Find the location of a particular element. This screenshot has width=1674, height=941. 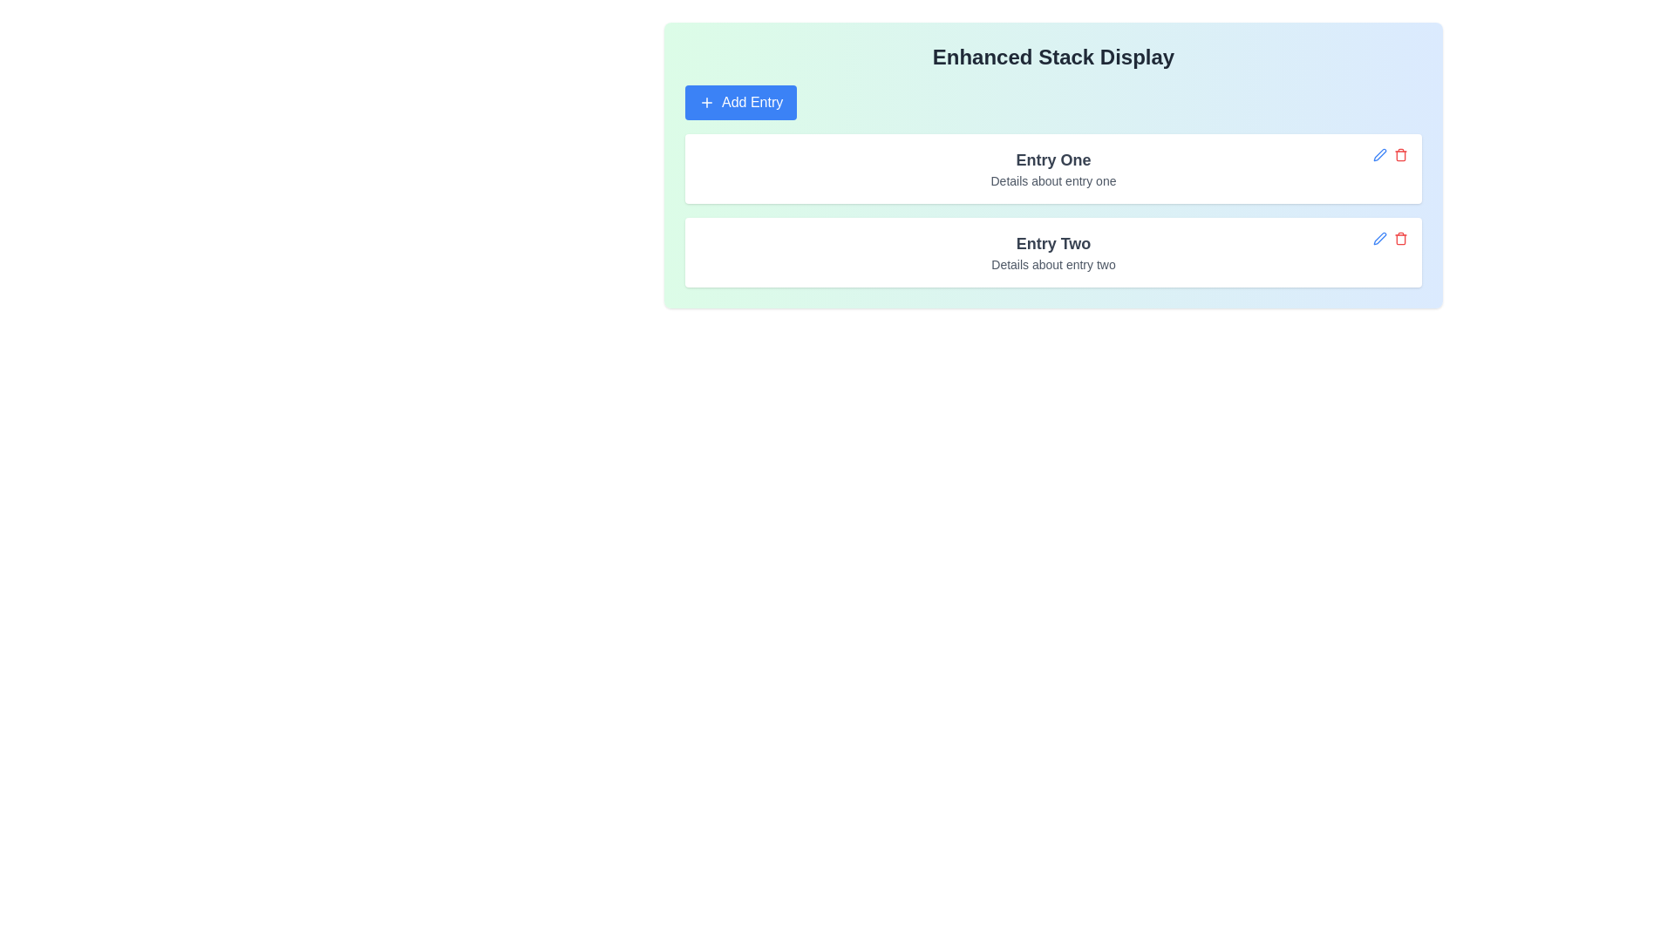

the 'Add Entry' button icon is located at coordinates (707, 103).